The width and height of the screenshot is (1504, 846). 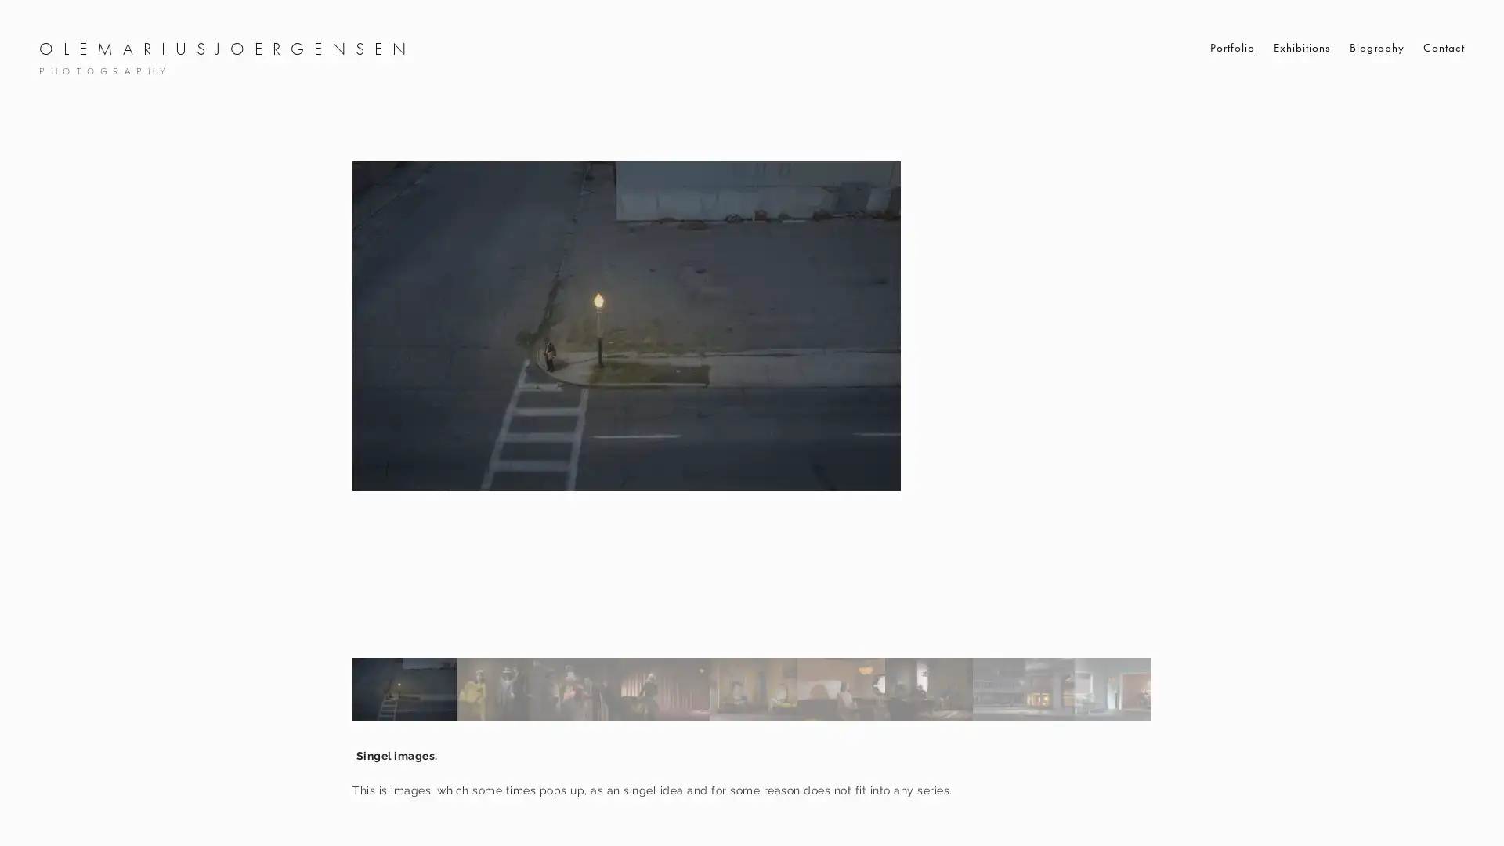 I want to click on Slide 1, so click(x=403, y=688).